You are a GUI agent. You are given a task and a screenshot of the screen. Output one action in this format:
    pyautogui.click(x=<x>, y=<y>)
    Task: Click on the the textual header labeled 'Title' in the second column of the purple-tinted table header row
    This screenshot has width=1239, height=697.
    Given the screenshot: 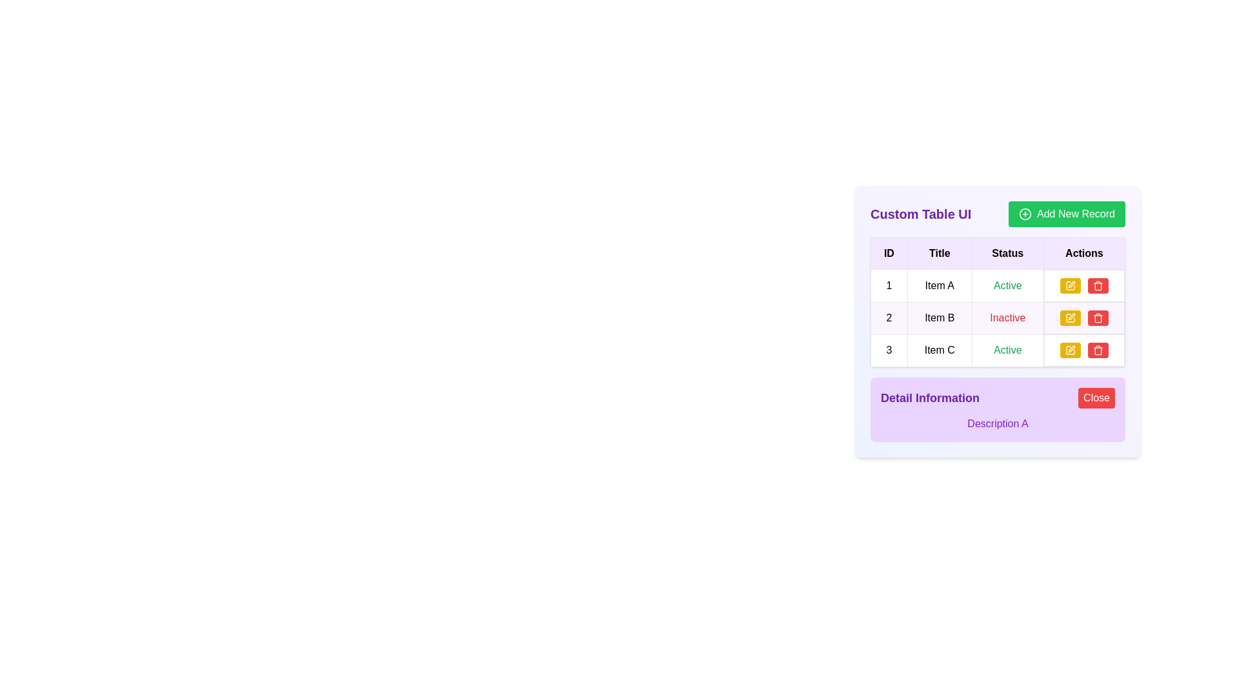 What is the action you would take?
    pyautogui.click(x=940, y=254)
    